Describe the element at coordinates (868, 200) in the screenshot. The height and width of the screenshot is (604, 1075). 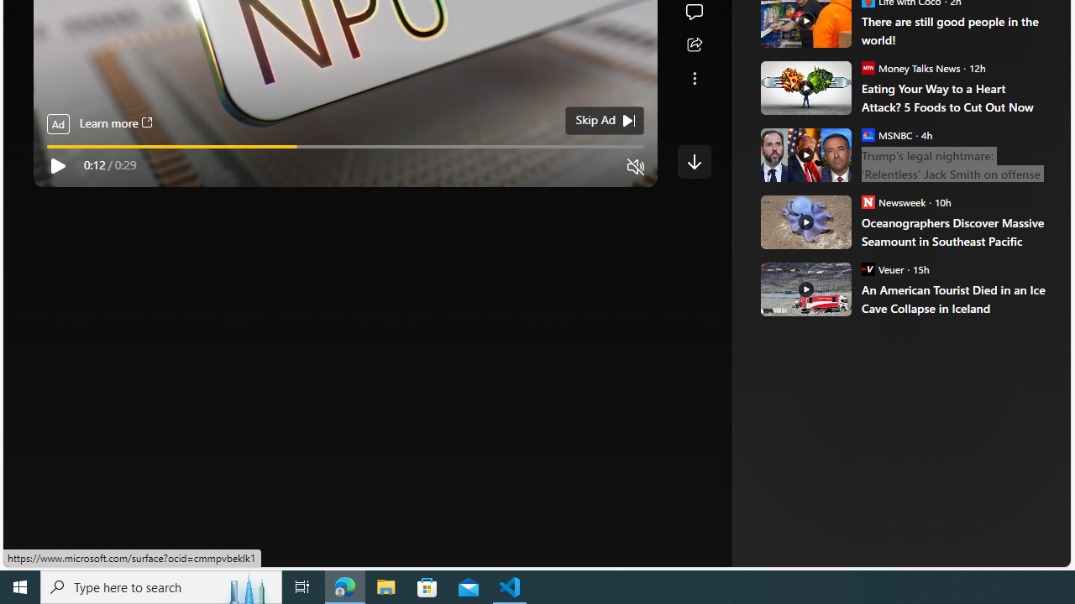
I see `'Newsweek'` at that location.